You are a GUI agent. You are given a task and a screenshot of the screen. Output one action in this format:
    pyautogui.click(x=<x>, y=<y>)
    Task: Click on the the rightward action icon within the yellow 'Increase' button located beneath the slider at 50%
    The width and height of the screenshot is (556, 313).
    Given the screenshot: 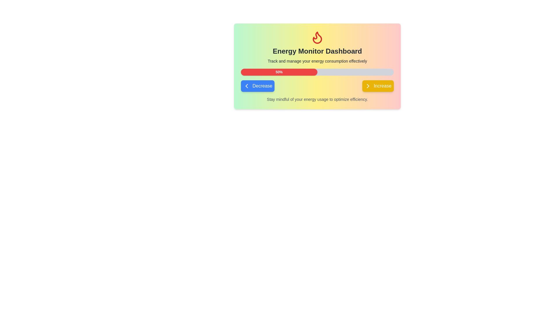 What is the action you would take?
    pyautogui.click(x=367, y=86)
    